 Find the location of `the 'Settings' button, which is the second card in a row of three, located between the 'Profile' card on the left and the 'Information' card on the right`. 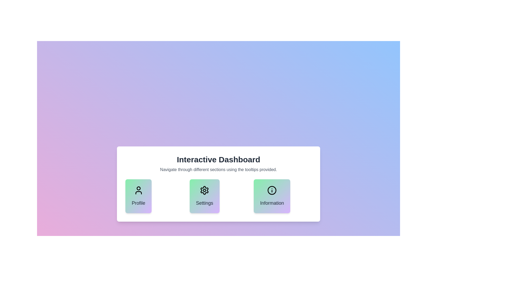

the 'Settings' button, which is the second card in a row of three, located between the 'Profile' card on the left and the 'Information' card on the right is located at coordinates (218, 196).